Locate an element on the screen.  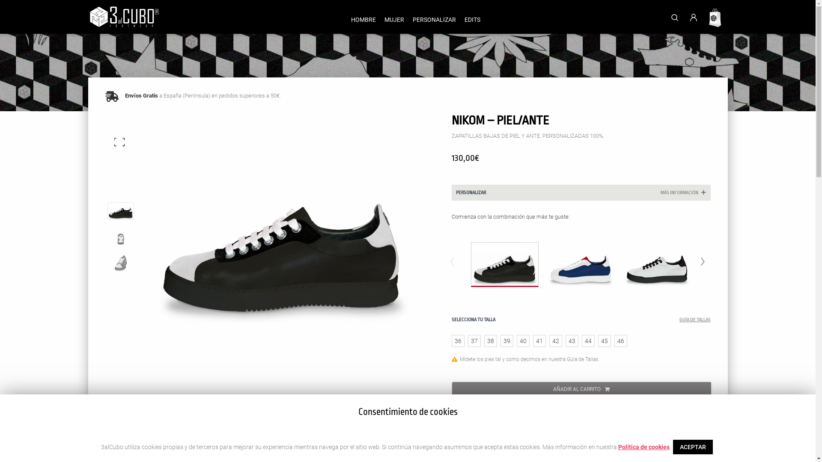
'MUJER' is located at coordinates (380, 19).